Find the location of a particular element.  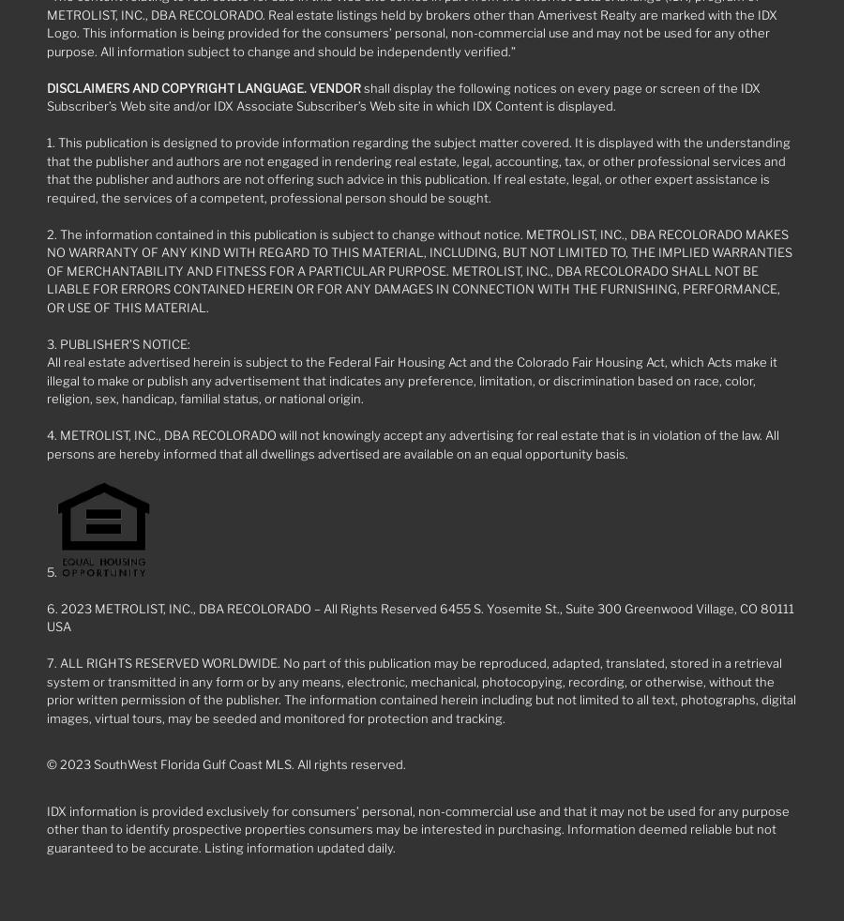

'IDX information is provided exclusively for consumers’ personal, non-commercial use and that it may not be used for any purpose other than to identify prospective properties consumers may be interested in purchasing. Information deemed reliable but not guaranteed to be accurate. Listing information updated daily.' is located at coordinates (418, 828).